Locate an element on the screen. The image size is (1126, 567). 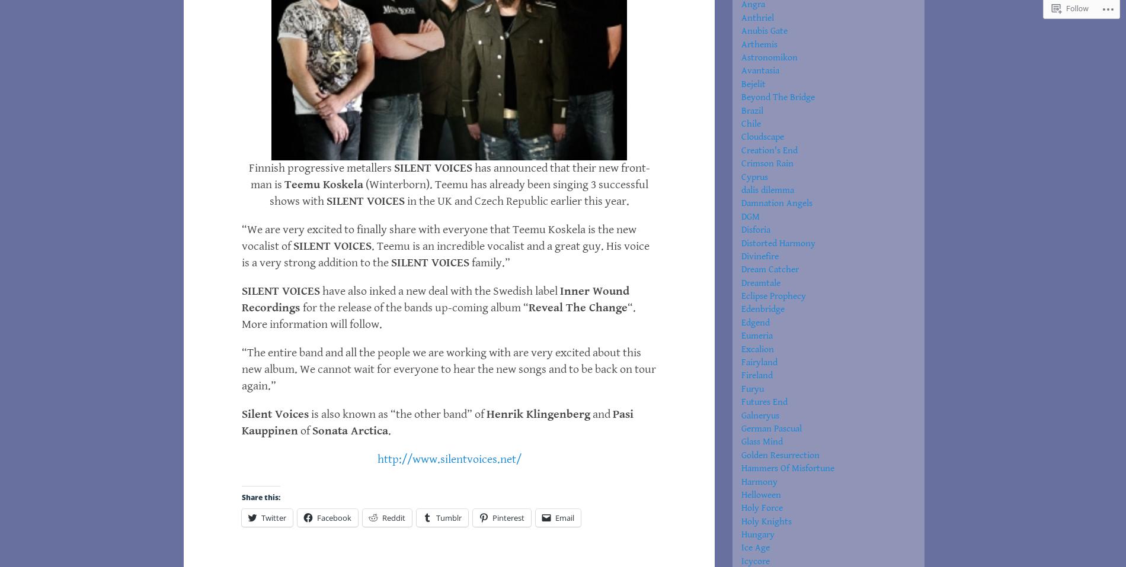
'Hammers Of Misfortune' is located at coordinates (787, 468).